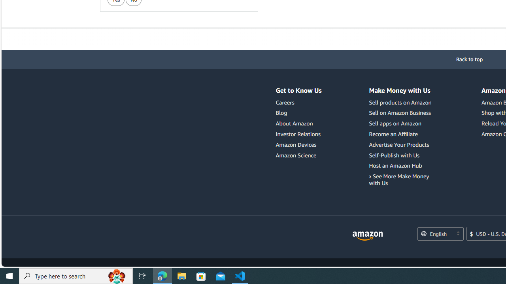  Describe the element at coordinates (401, 123) in the screenshot. I see `'Sell apps on Amazon'` at that location.